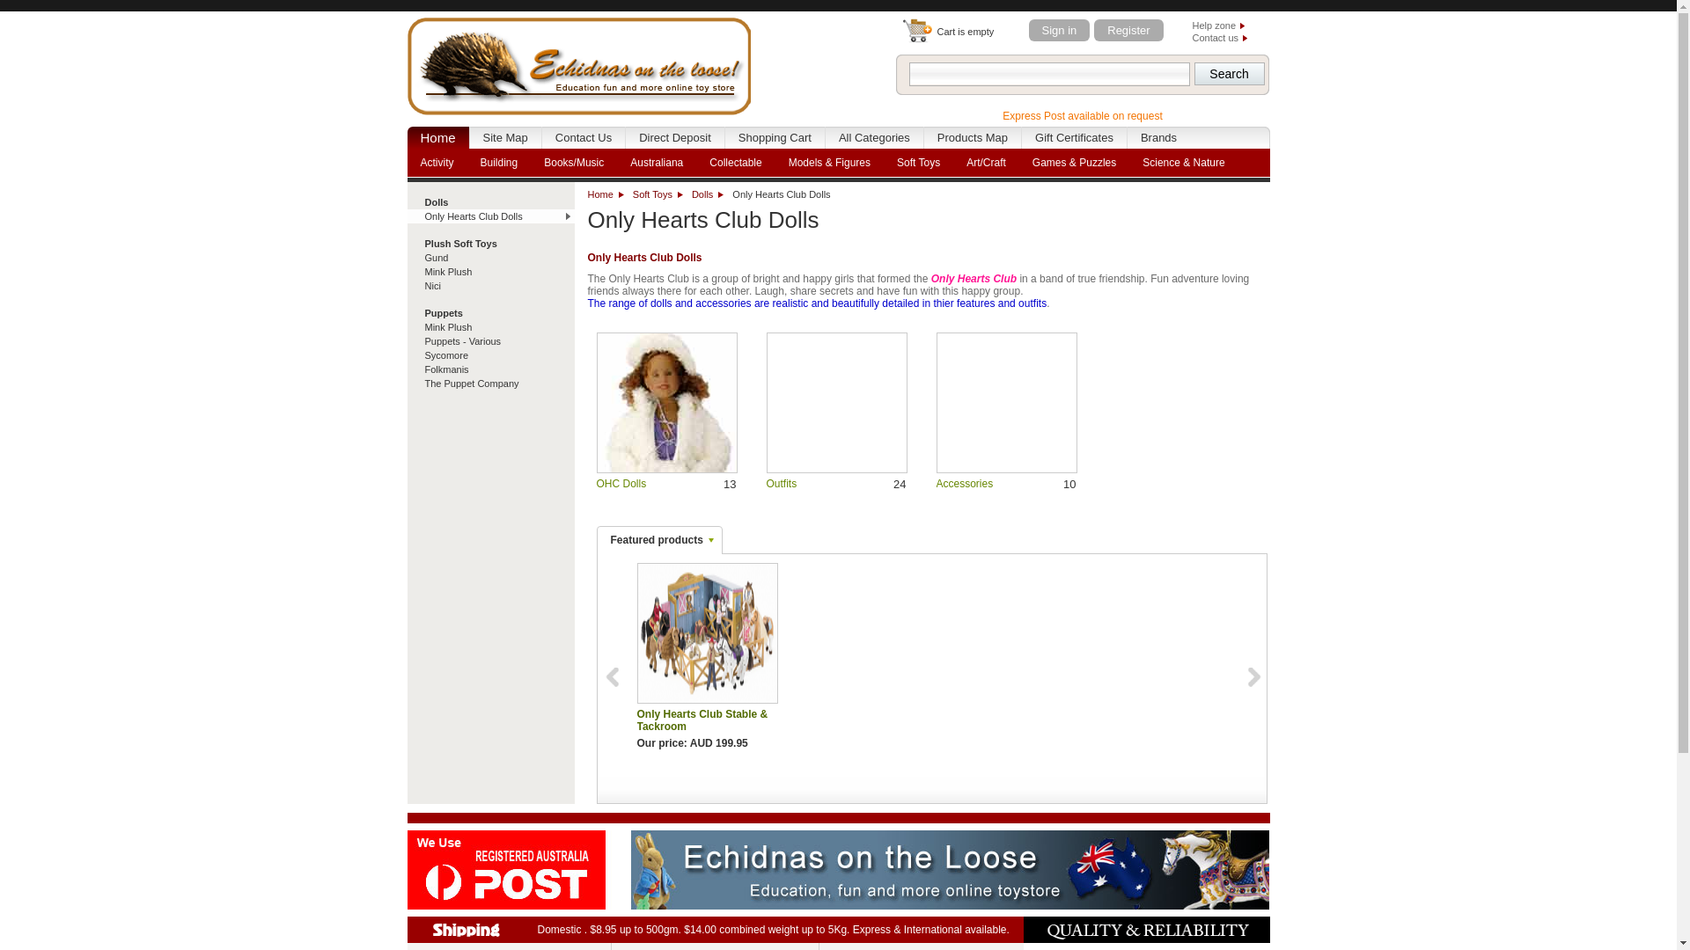  I want to click on 'Register', so click(1128, 30).